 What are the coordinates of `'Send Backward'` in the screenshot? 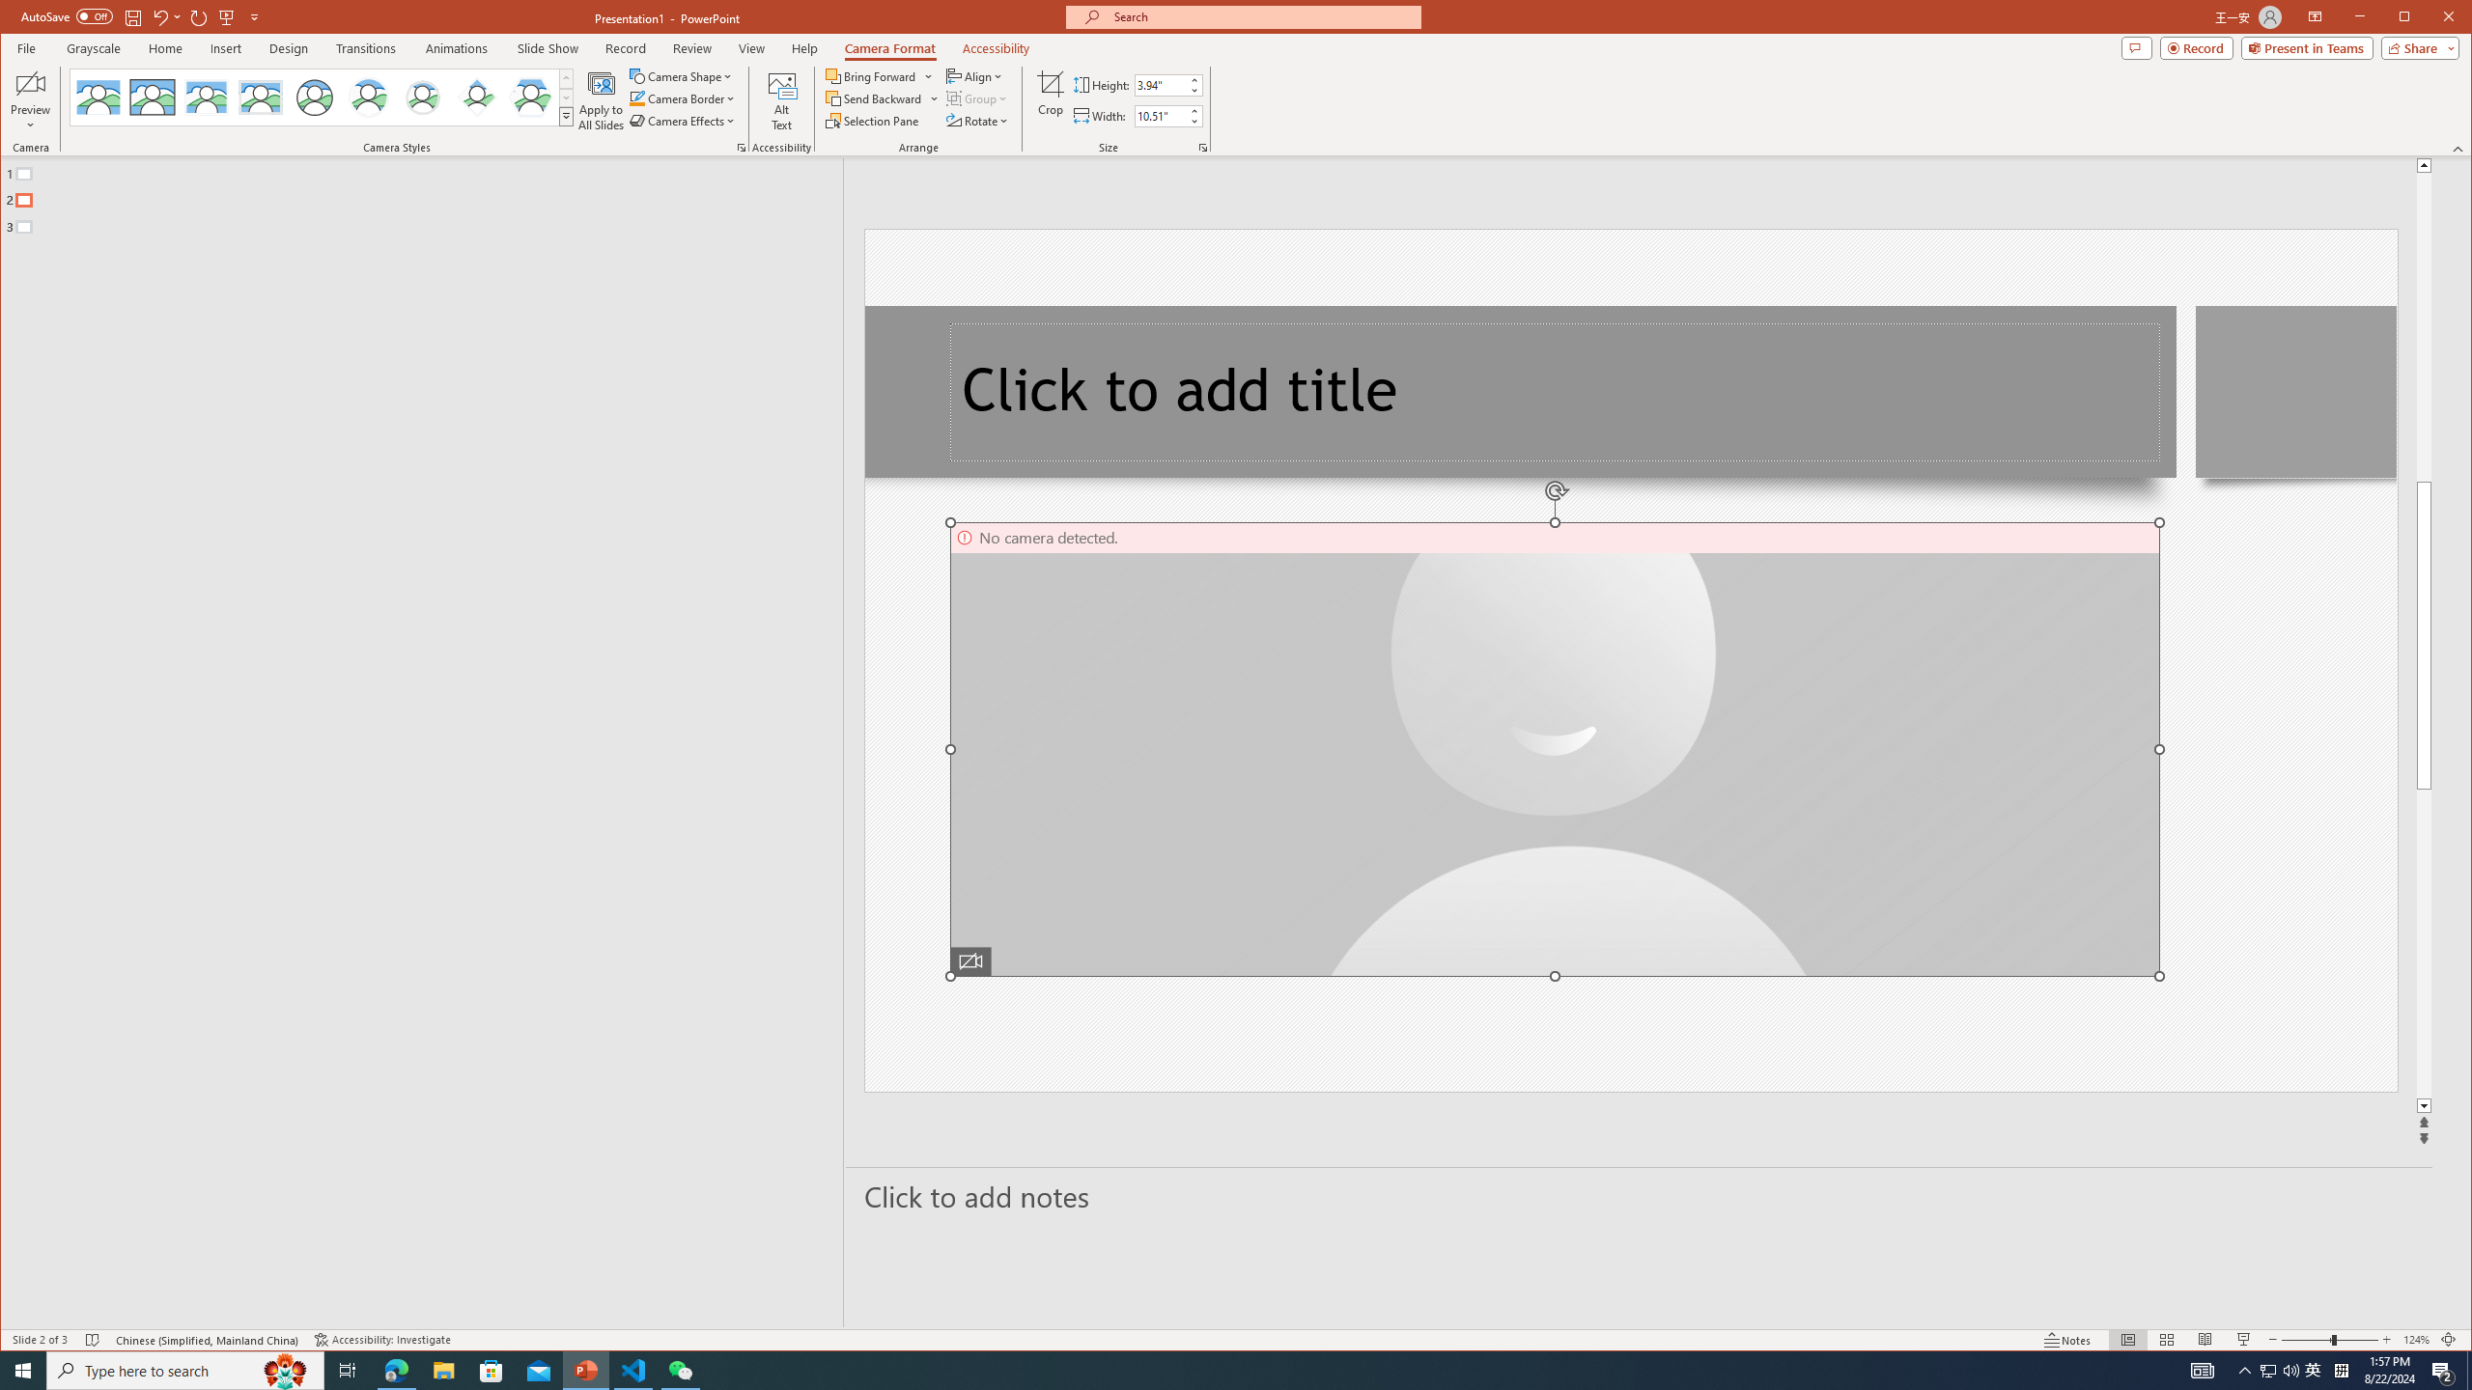 It's located at (874, 98).